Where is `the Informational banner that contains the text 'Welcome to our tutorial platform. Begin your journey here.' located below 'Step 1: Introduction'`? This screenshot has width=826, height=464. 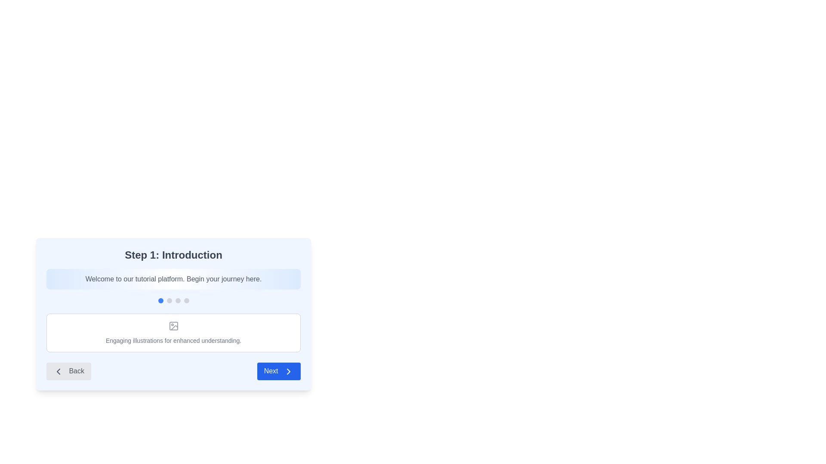
the Informational banner that contains the text 'Welcome to our tutorial platform. Begin your journey here.' located below 'Step 1: Introduction' is located at coordinates (173, 279).